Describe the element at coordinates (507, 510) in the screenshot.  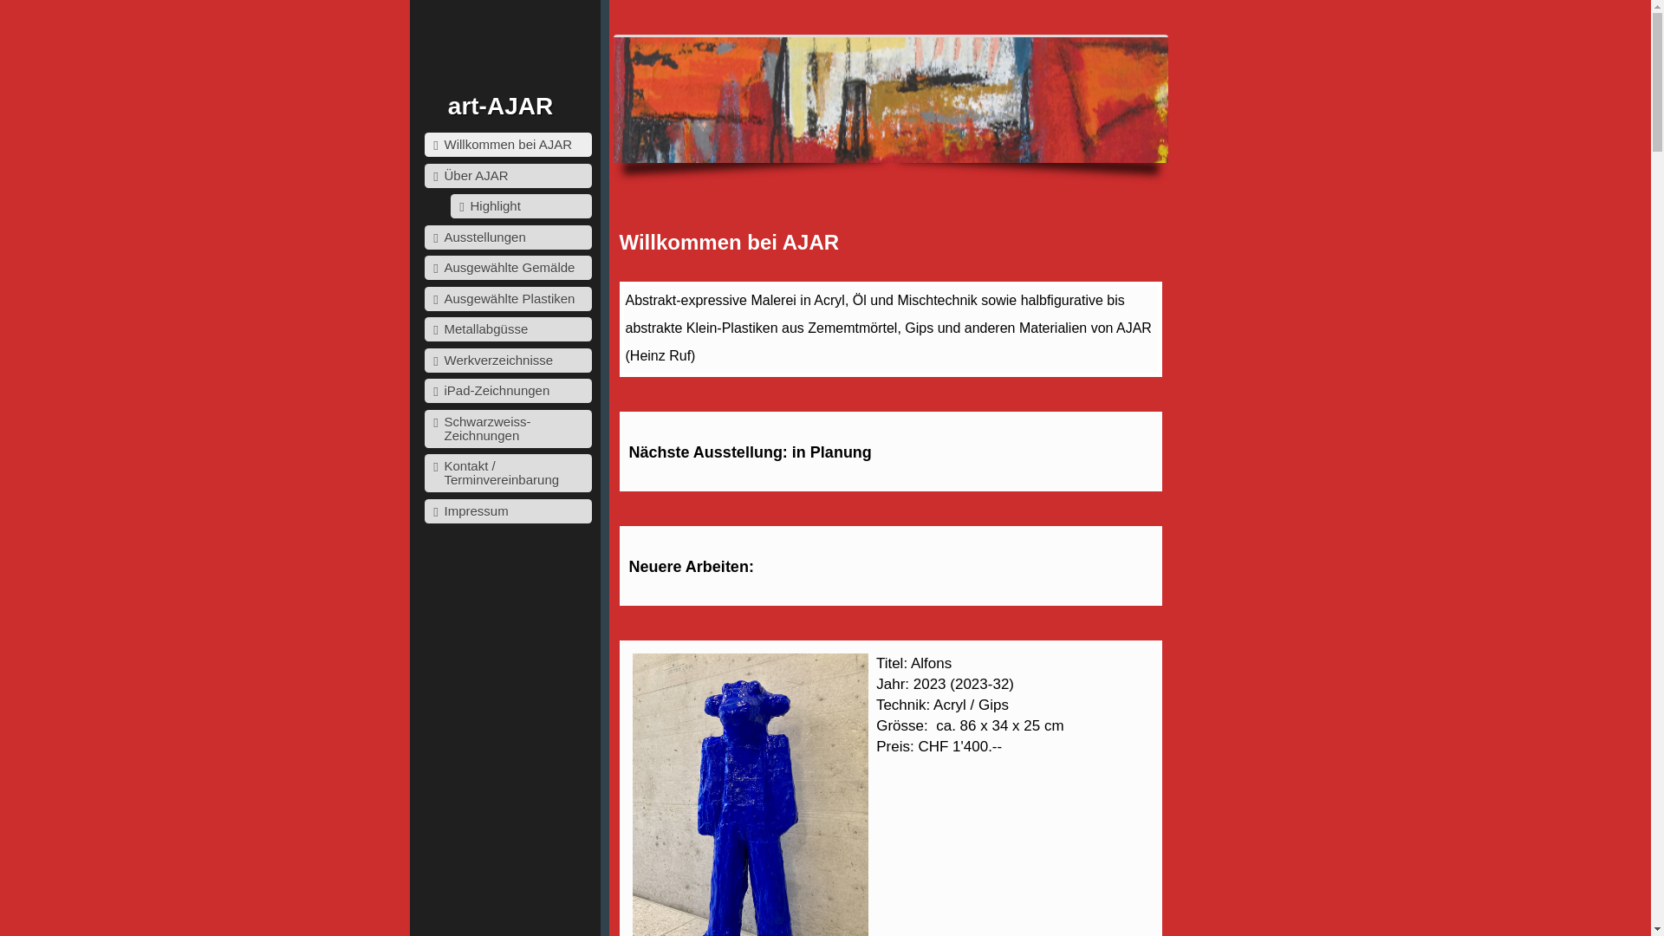
I see `'Impressum'` at that location.